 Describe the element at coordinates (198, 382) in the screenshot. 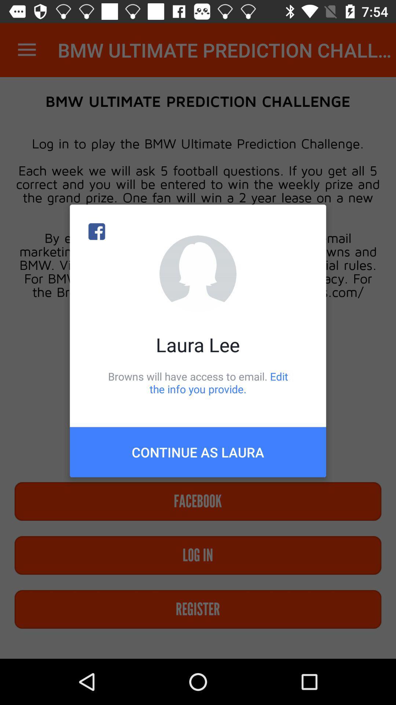

I see `item below the laura lee item` at that location.